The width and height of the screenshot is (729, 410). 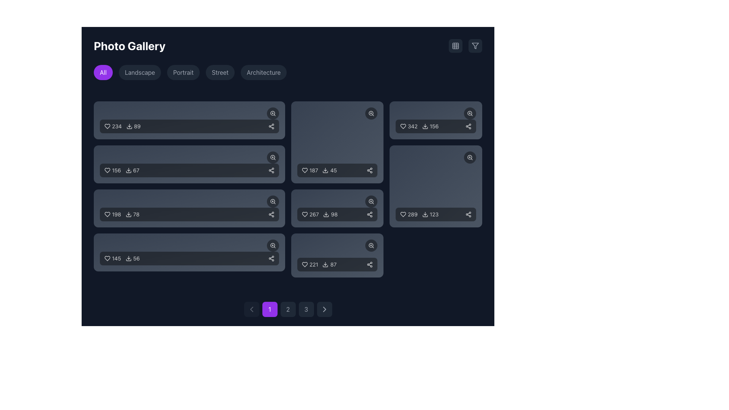 What do you see at coordinates (273, 114) in the screenshot?
I see `the circular button with a magnifying glass icon located at the top-right corner of the first rectangular card to zoom in` at bounding box center [273, 114].